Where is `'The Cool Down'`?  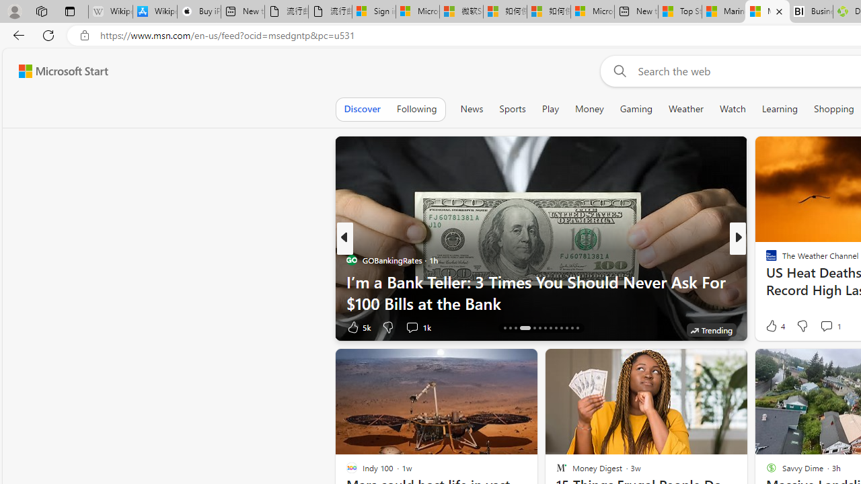
'The Cool Down' is located at coordinates (765, 260).